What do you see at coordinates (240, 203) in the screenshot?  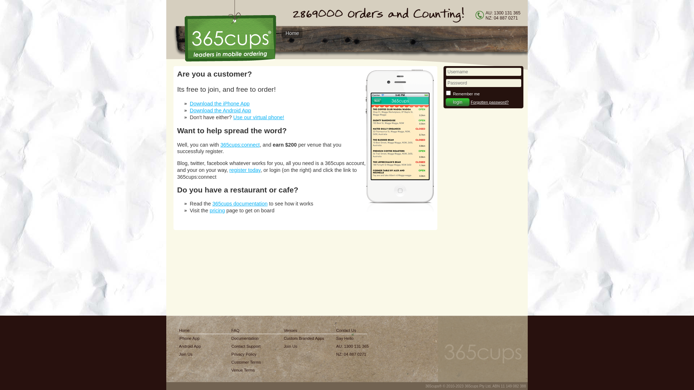 I see `'365cups documentation'` at bounding box center [240, 203].